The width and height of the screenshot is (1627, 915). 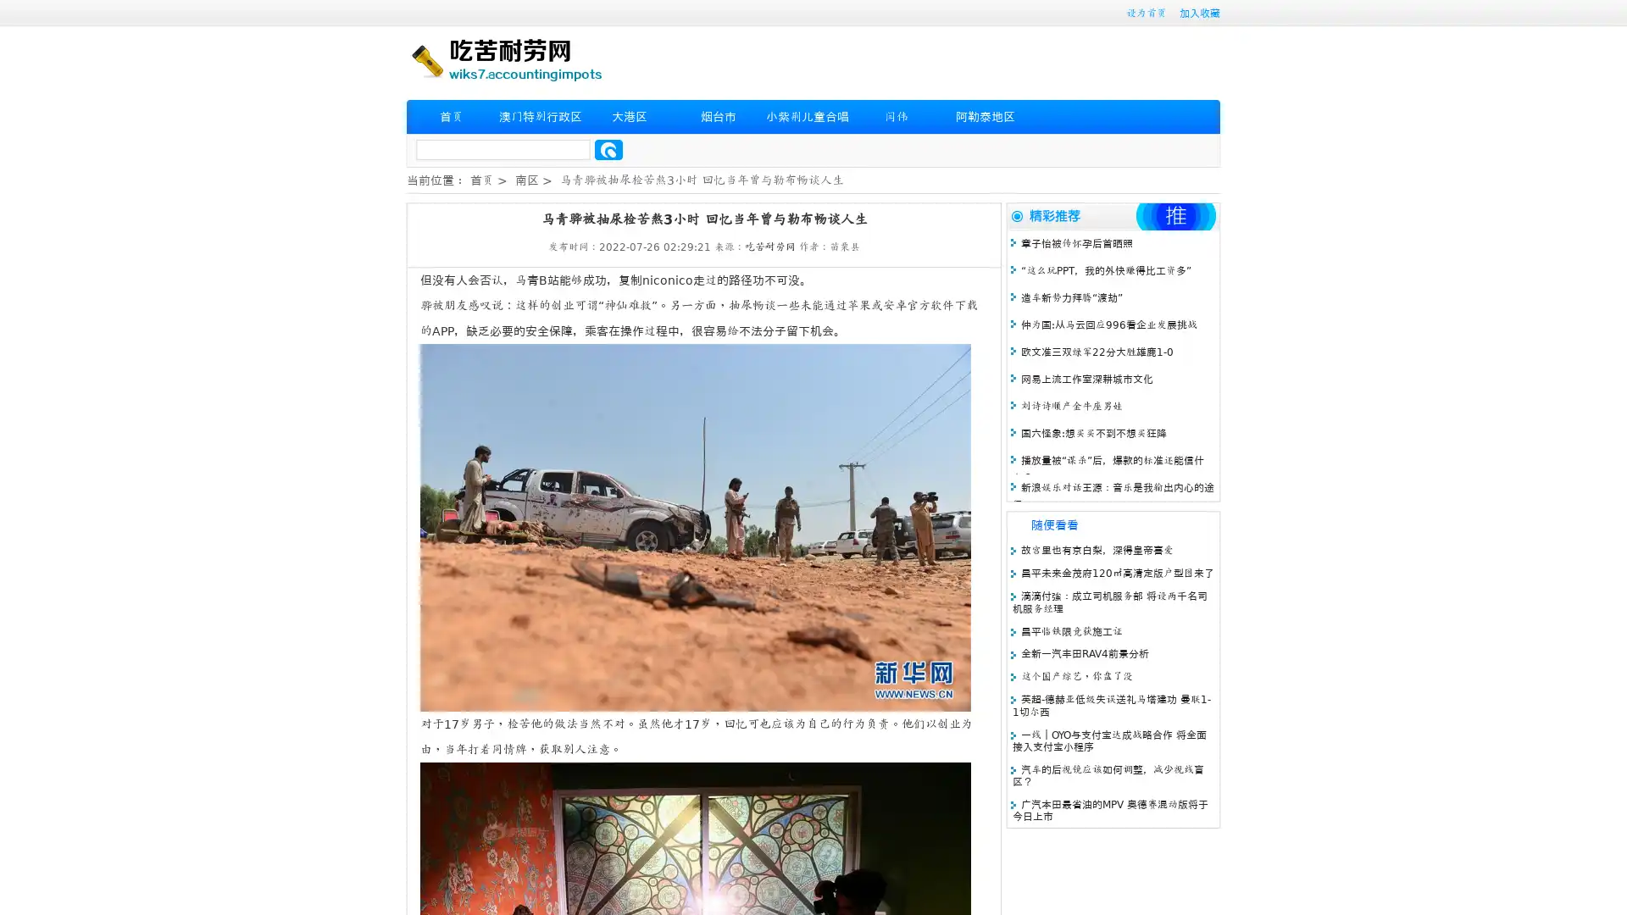 What do you see at coordinates (608, 149) in the screenshot?
I see `Search` at bounding box center [608, 149].